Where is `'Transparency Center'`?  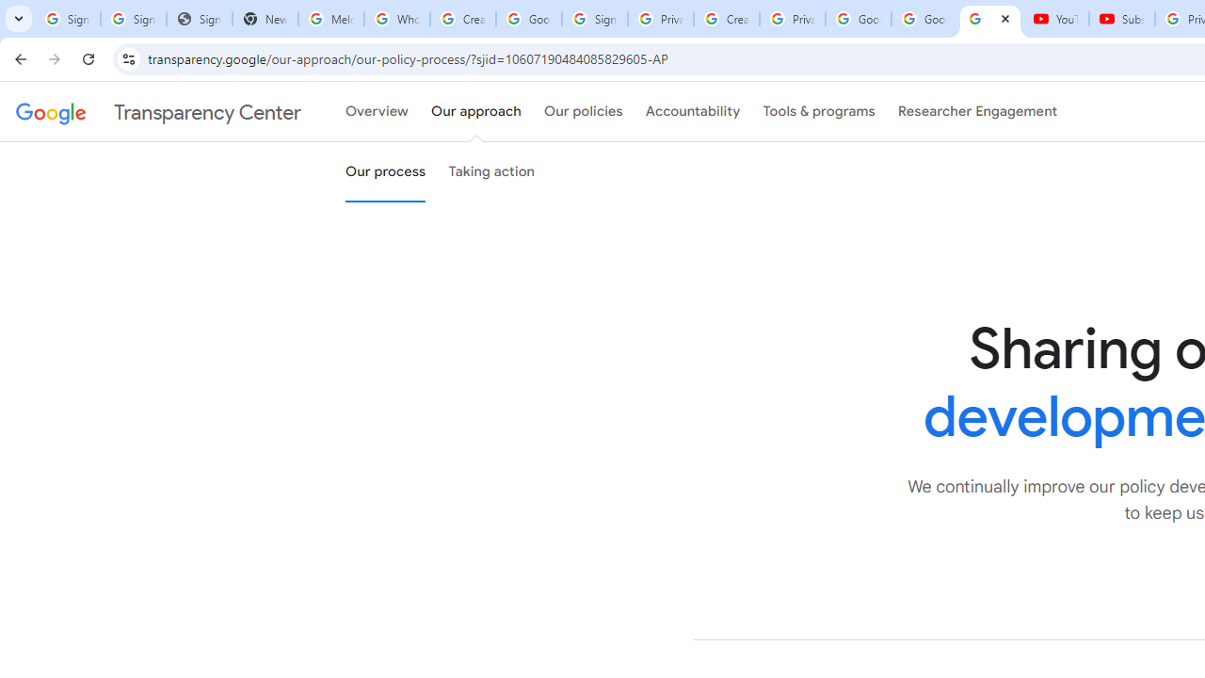
'Transparency Center' is located at coordinates (158, 112).